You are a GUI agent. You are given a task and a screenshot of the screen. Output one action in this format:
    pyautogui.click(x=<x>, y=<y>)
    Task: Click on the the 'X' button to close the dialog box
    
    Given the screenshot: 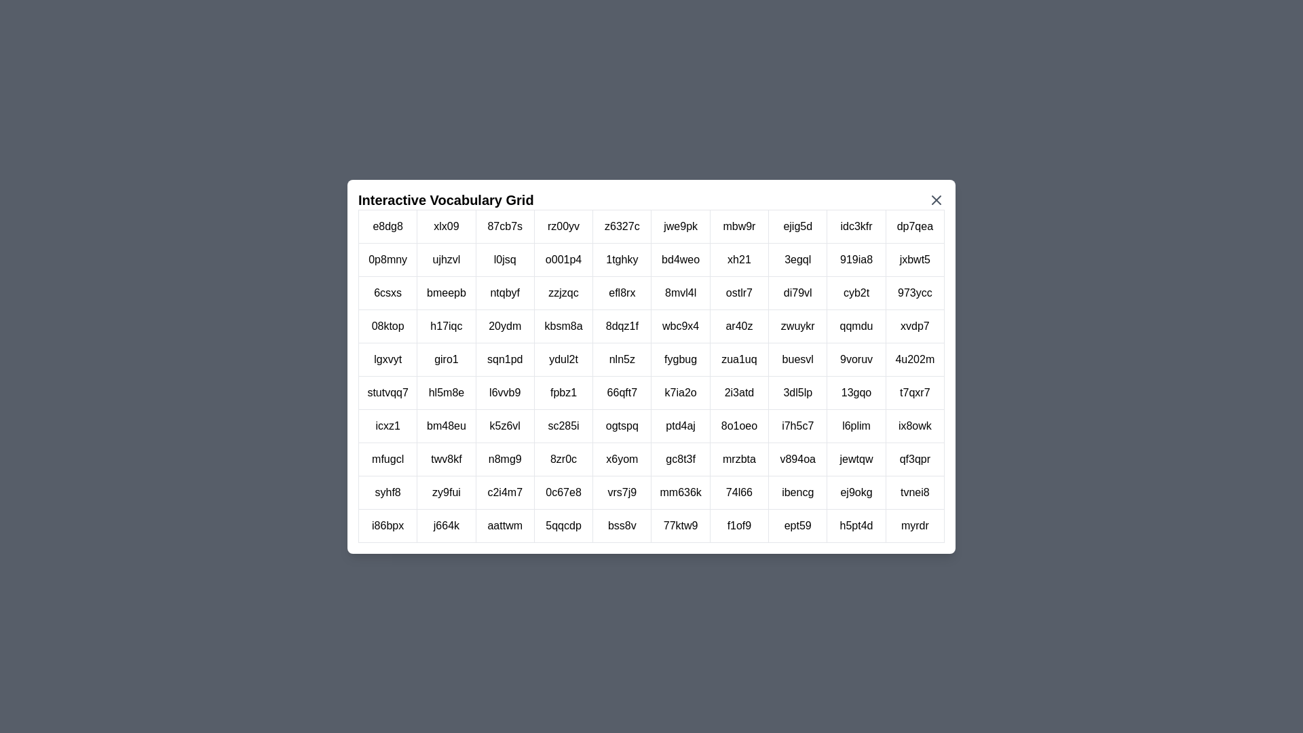 What is the action you would take?
    pyautogui.click(x=936, y=200)
    